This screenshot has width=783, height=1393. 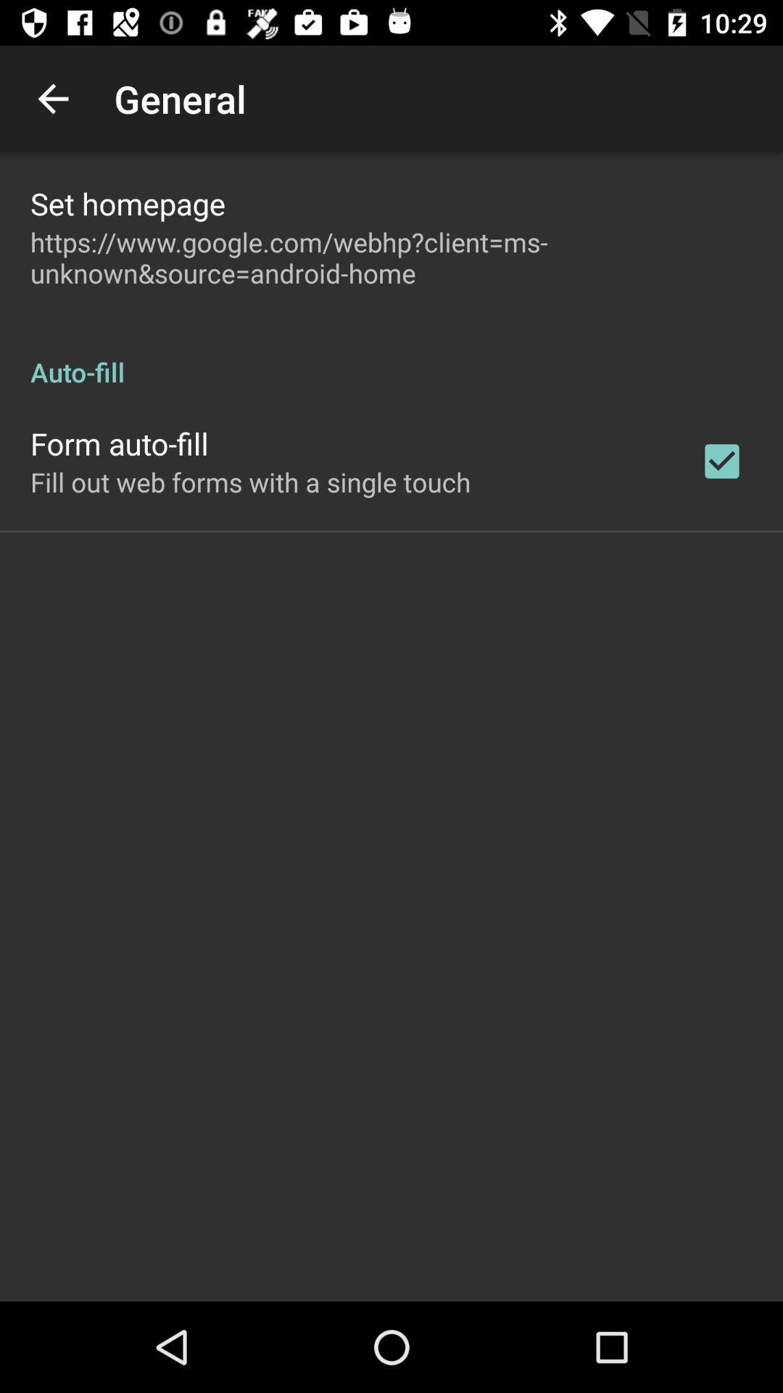 I want to click on the item next to the general, so click(x=52, y=98).